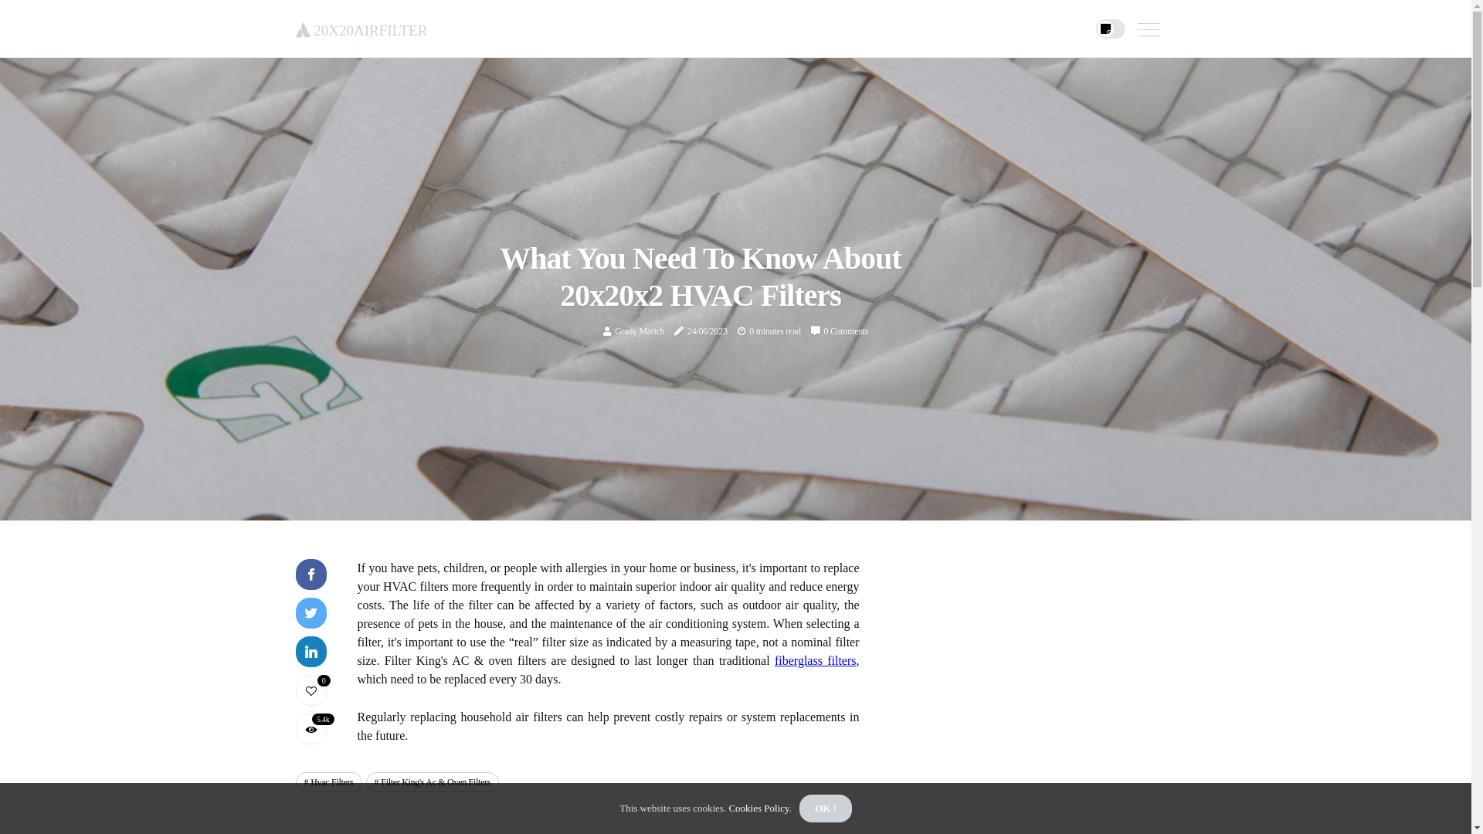  I want to click on 'Filter King'S Ac & Oven Filters', so click(433, 782).